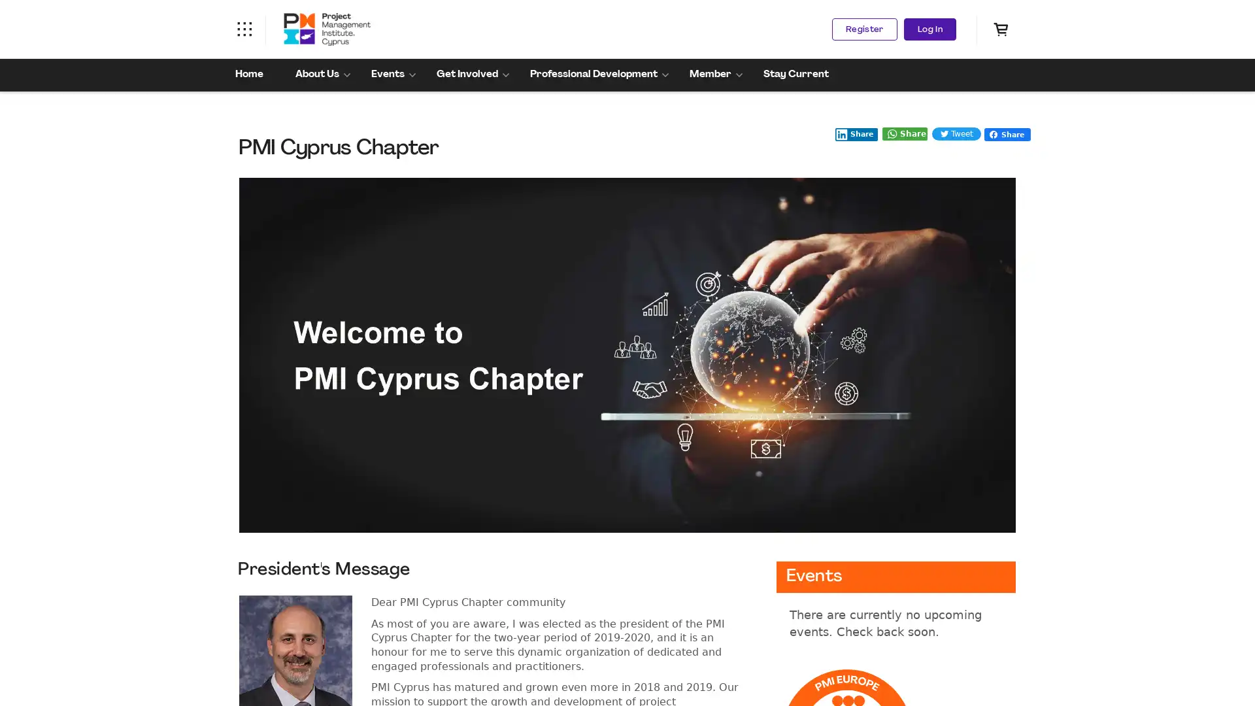 Image resolution: width=1255 pixels, height=706 pixels. I want to click on Share, so click(856, 133).